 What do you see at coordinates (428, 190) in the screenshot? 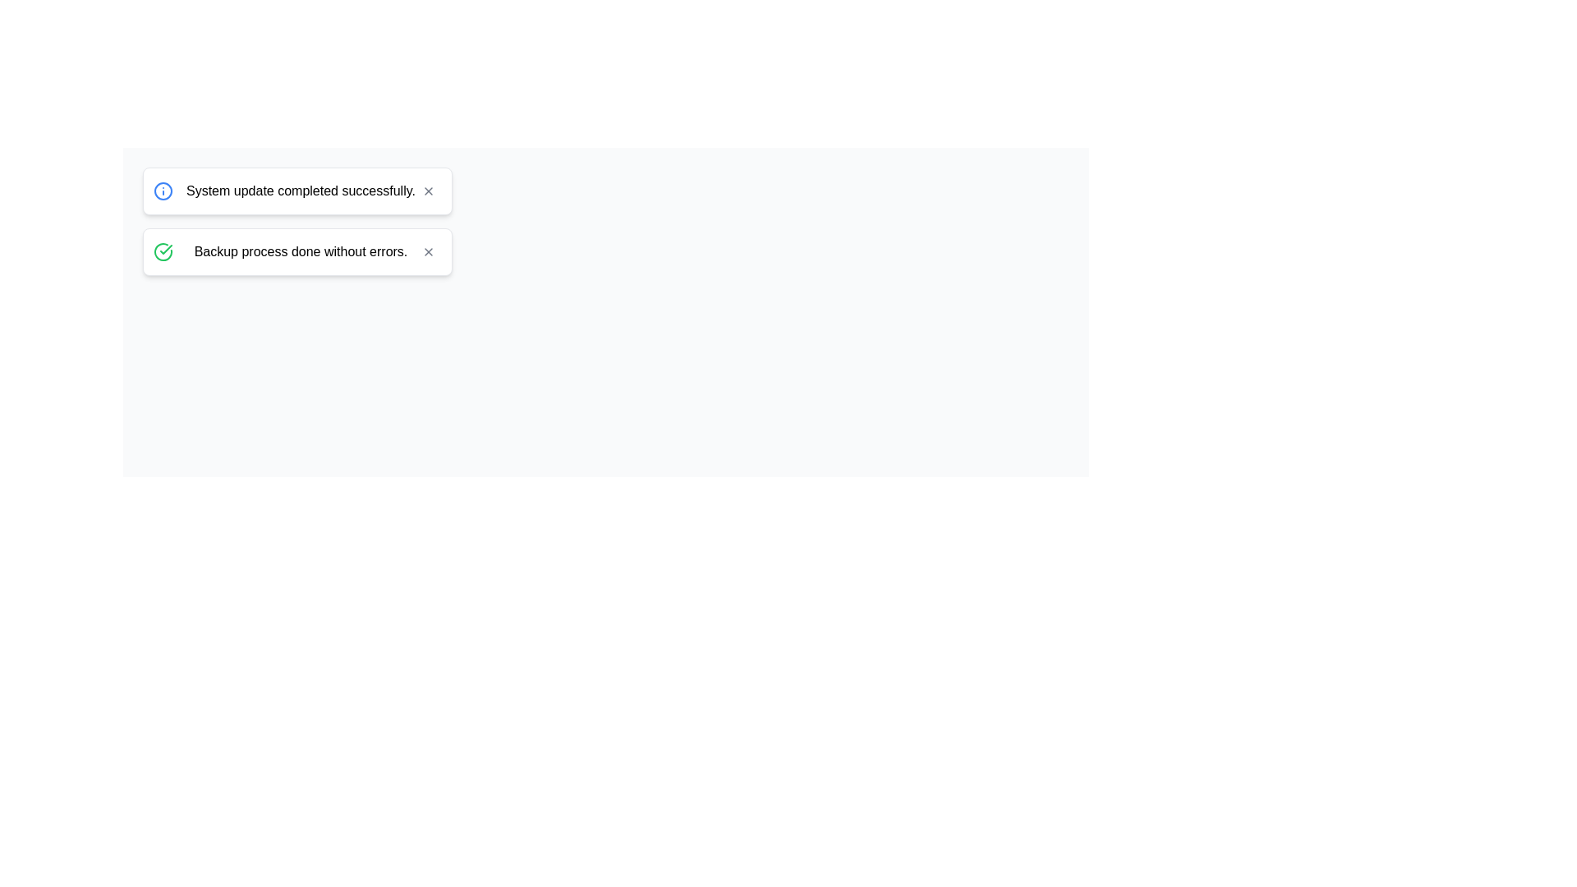
I see `the 'X' shaped close button located at the top-right corner of the notification card that displays the message 'System update completed successfully.'` at bounding box center [428, 190].